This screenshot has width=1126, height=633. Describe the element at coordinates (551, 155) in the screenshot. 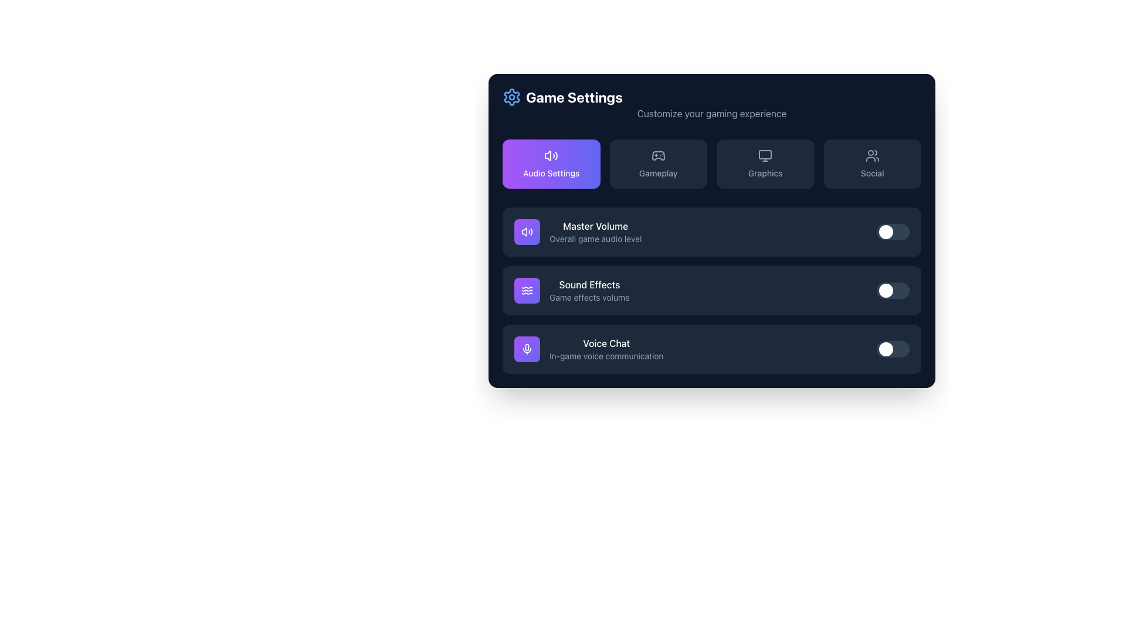

I see `the visual state of the audio settings icon, which represents audio functionalities and is located centrally within the 'Audio Settings' module at the top of the panel` at that location.